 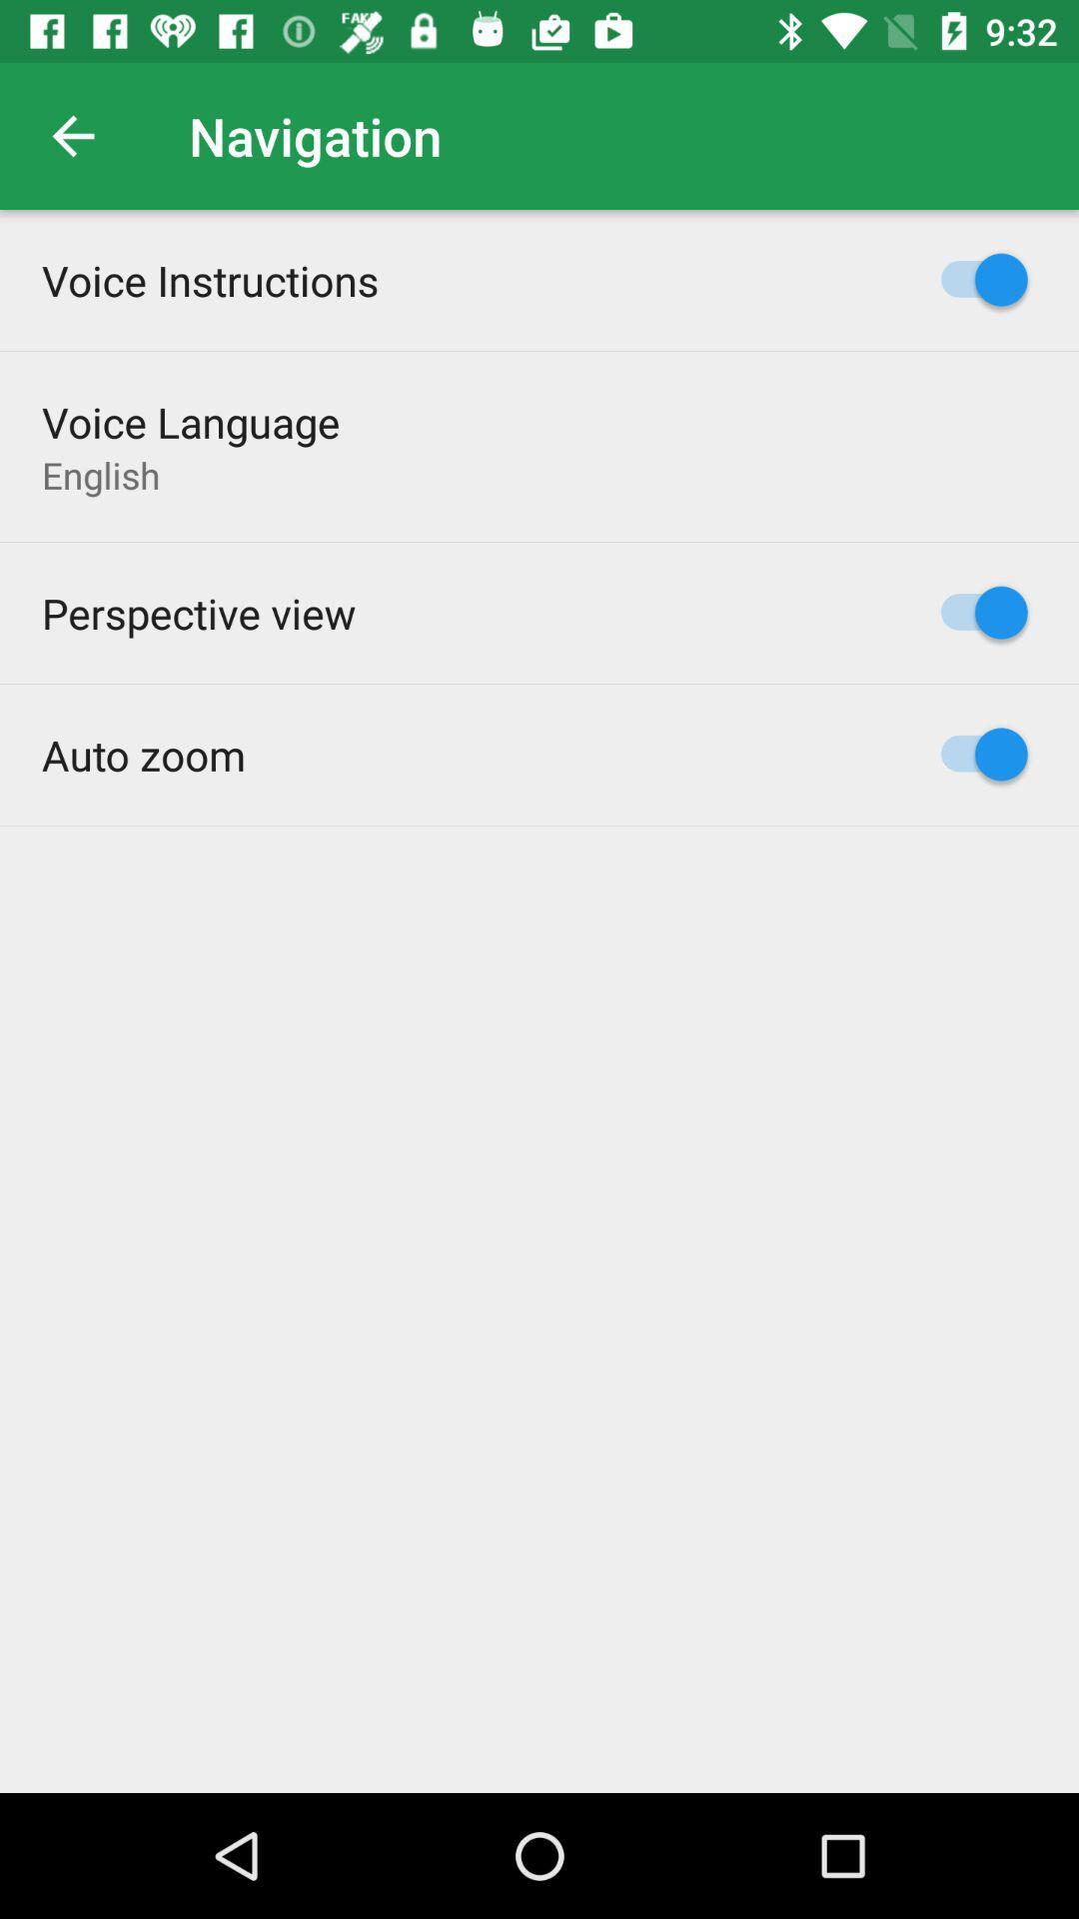 I want to click on item below the voice language item, so click(x=101, y=474).